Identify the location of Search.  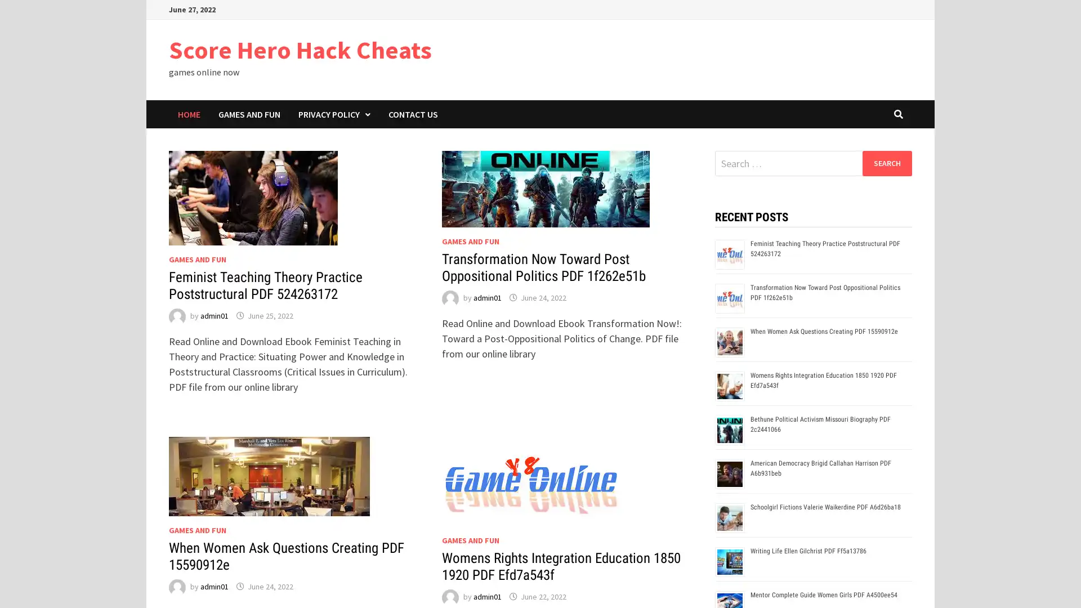
(886, 163).